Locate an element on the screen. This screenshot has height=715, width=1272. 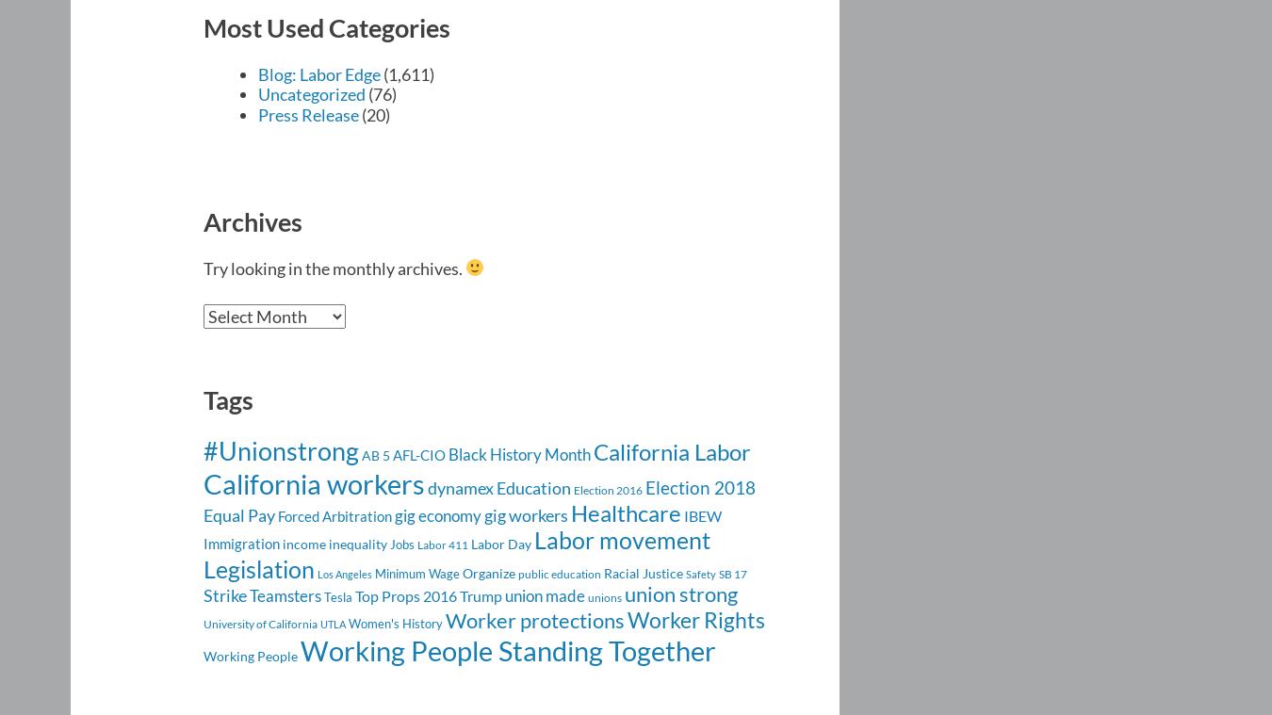
'Uncategorized' is located at coordinates (311, 93).